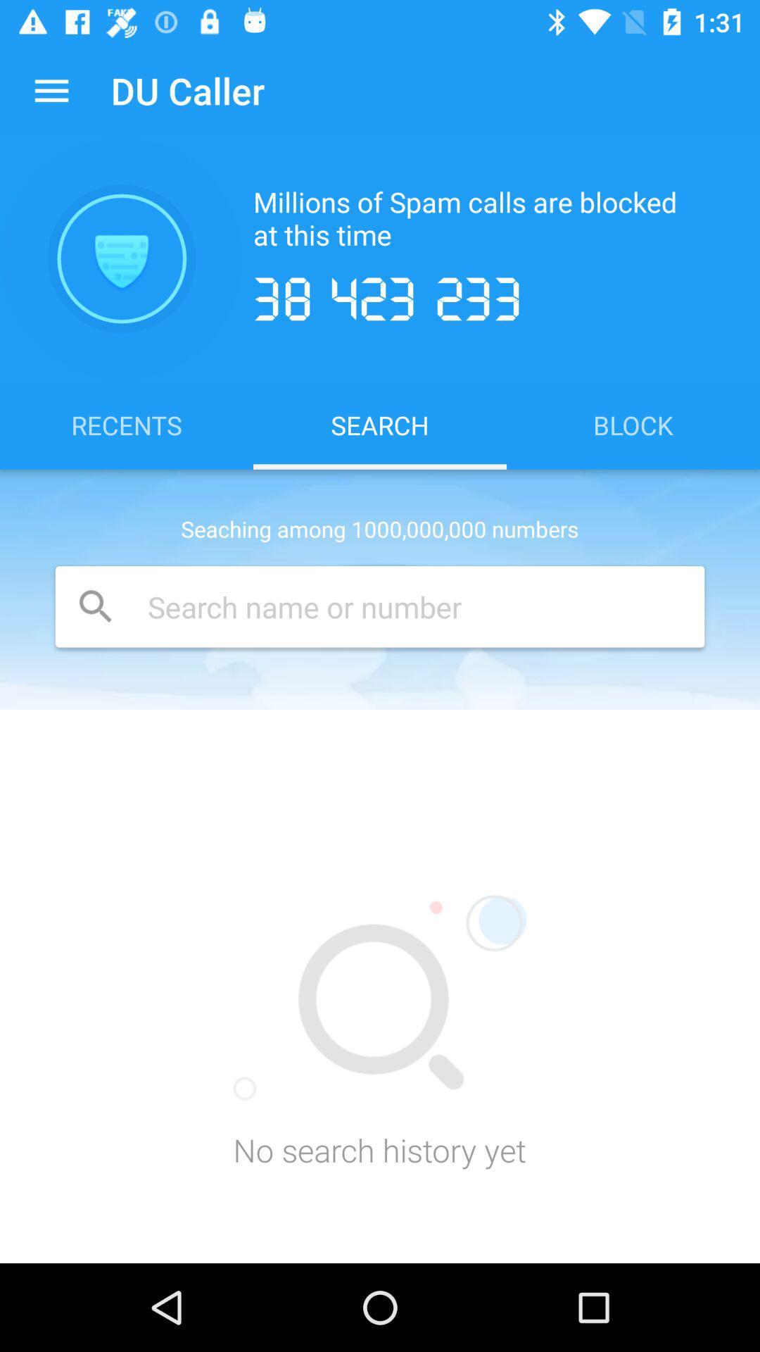 Image resolution: width=760 pixels, height=1352 pixels. What do you see at coordinates (121, 258) in the screenshot?
I see `the icon to the left of millions of spam item` at bounding box center [121, 258].